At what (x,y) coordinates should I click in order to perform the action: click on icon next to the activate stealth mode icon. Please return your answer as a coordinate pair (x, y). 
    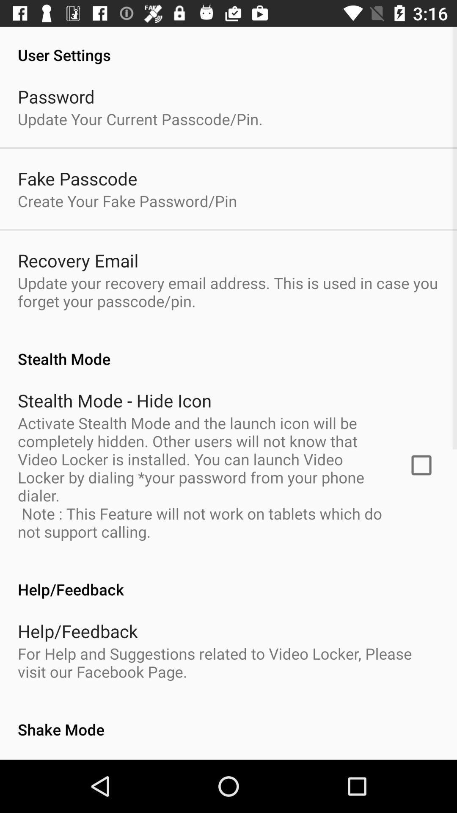
    Looking at the image, I should click on (421, 465).